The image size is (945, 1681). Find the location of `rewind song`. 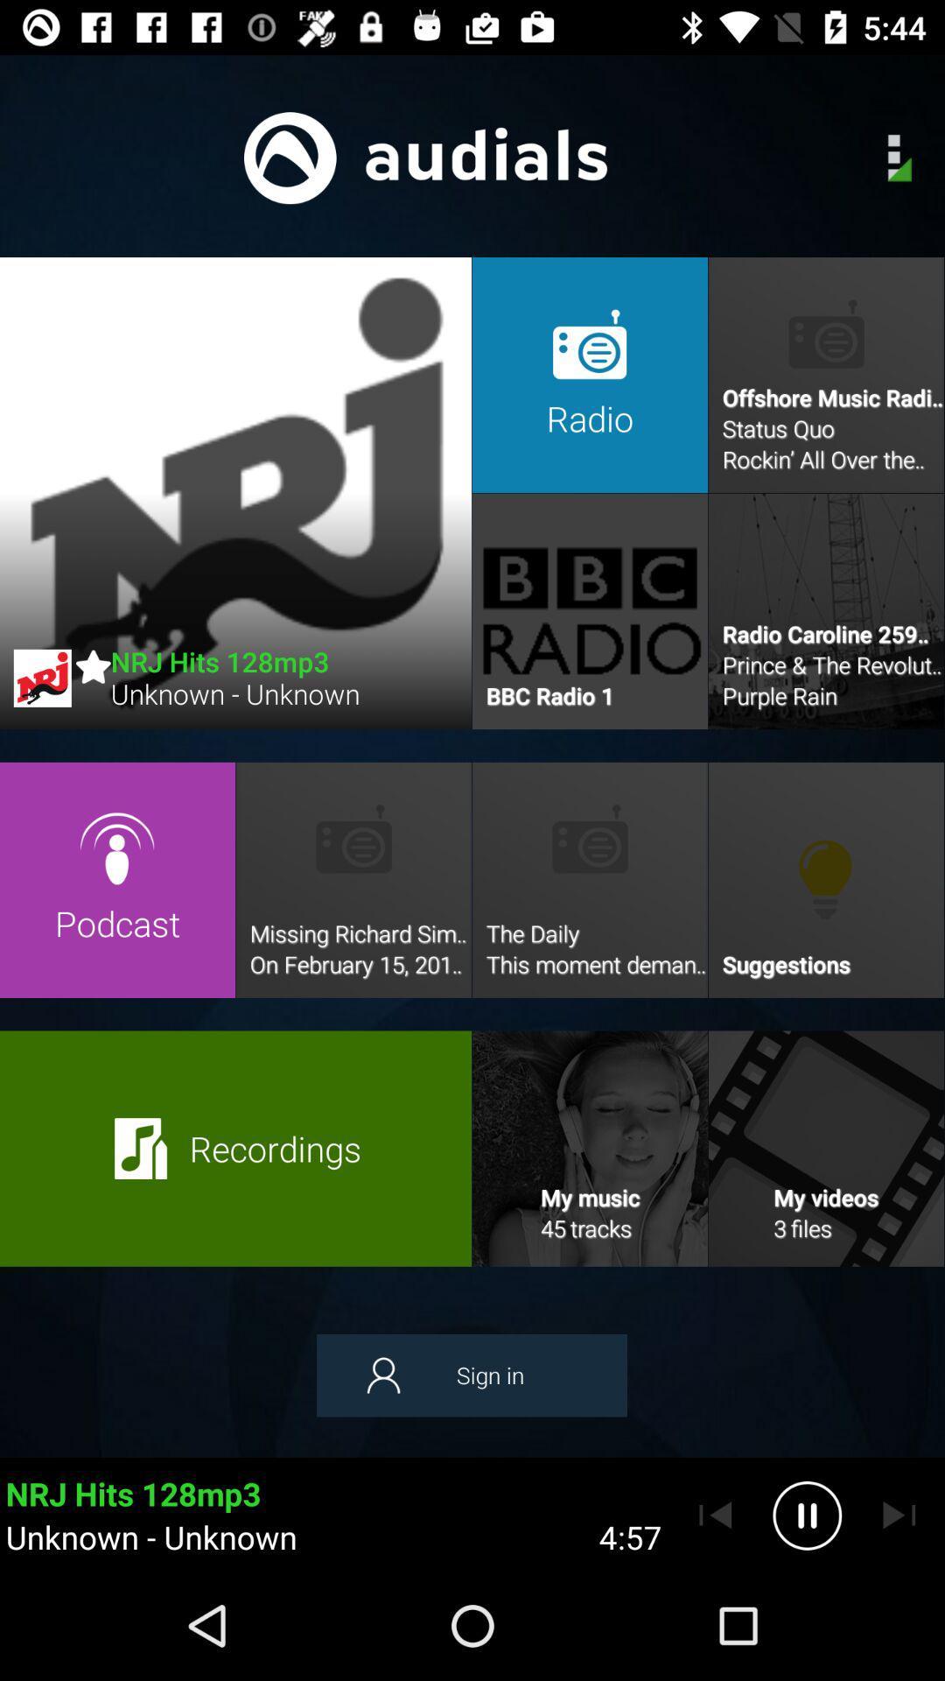

rewind song is located at coordinates (715, 1515).